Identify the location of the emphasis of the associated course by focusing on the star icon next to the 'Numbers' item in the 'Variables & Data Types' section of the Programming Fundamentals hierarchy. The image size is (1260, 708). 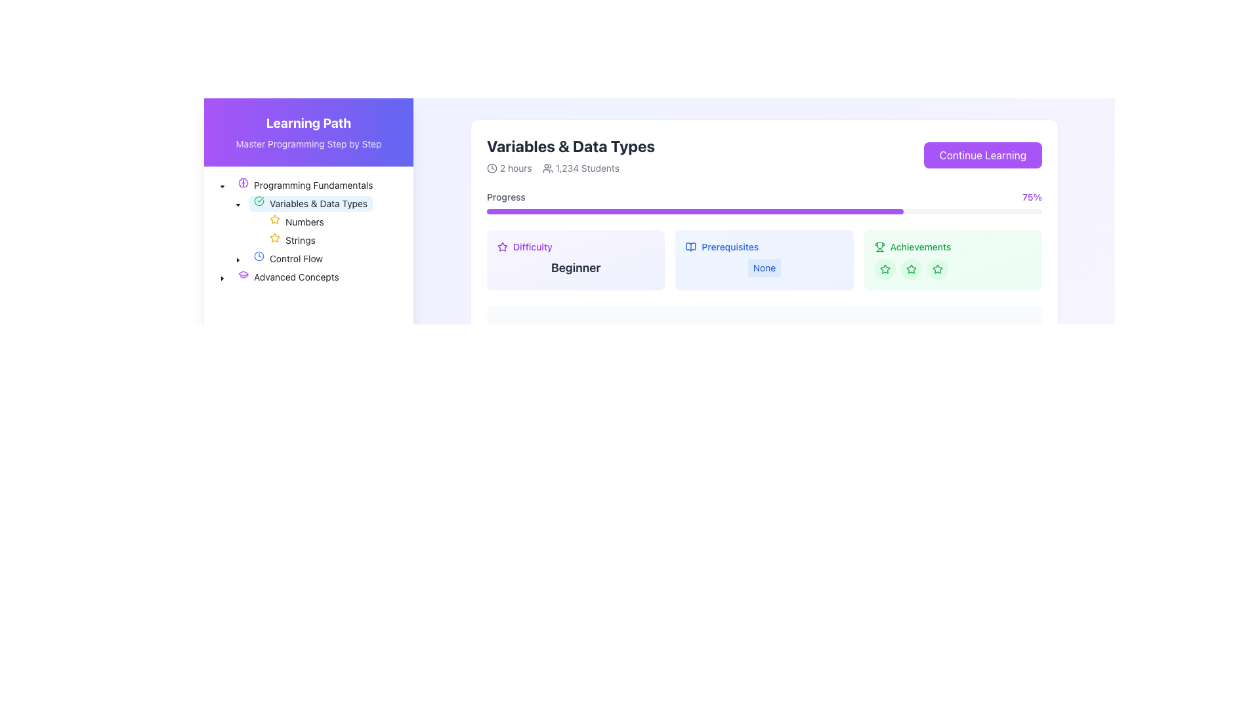
(274, 237).